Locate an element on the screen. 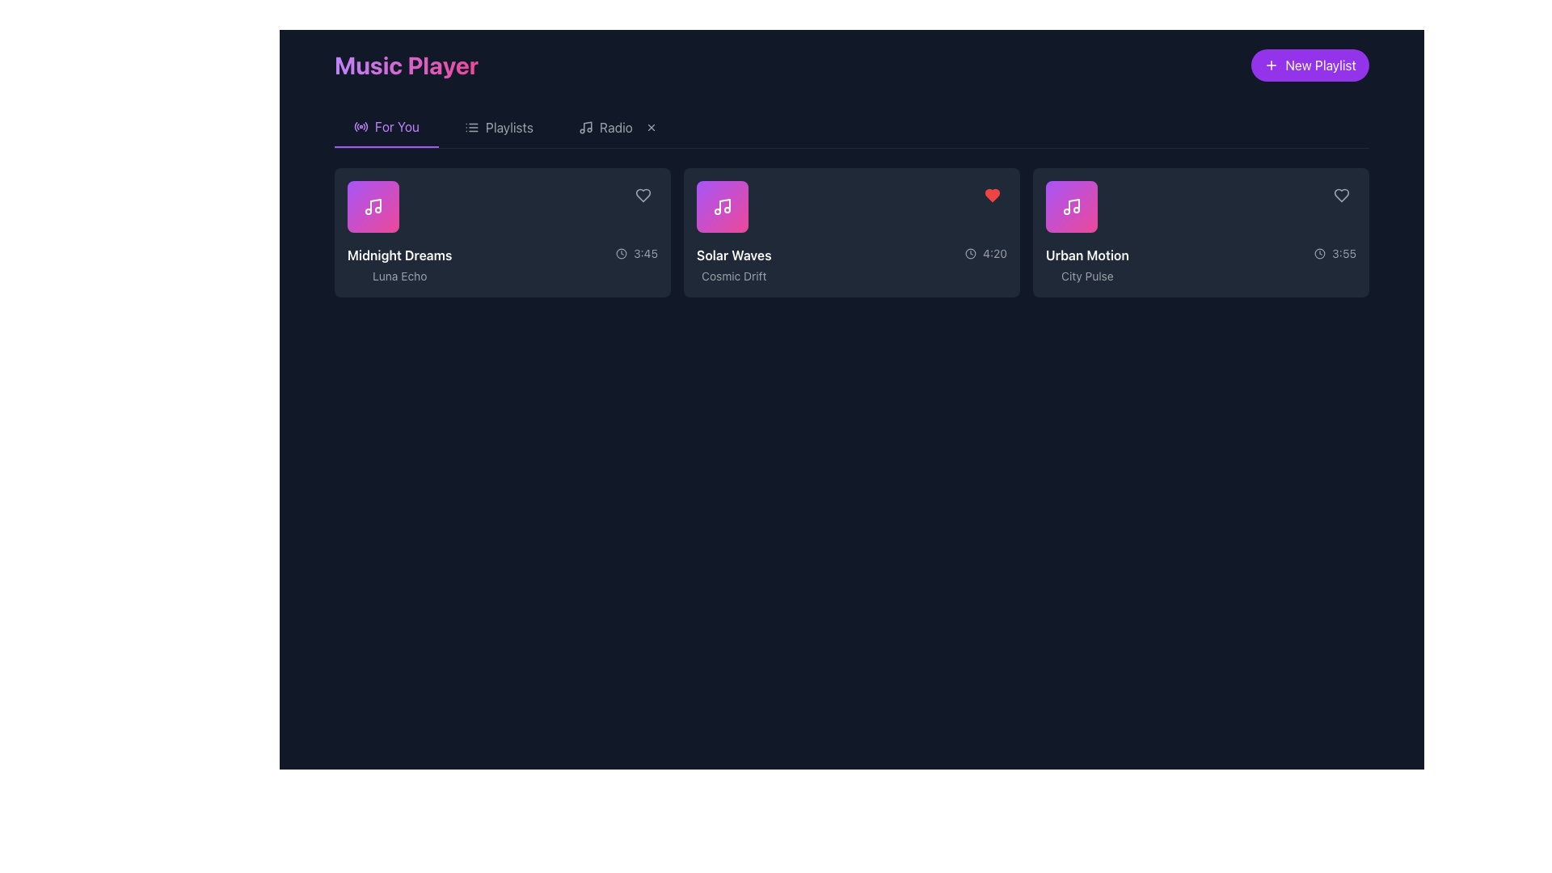 This screenshot has width=1552, height=873. the heart icon button located in the upper-right corner of the 'Midnight Dreams' track card to favorite the item is located at coordinates (643, 195).